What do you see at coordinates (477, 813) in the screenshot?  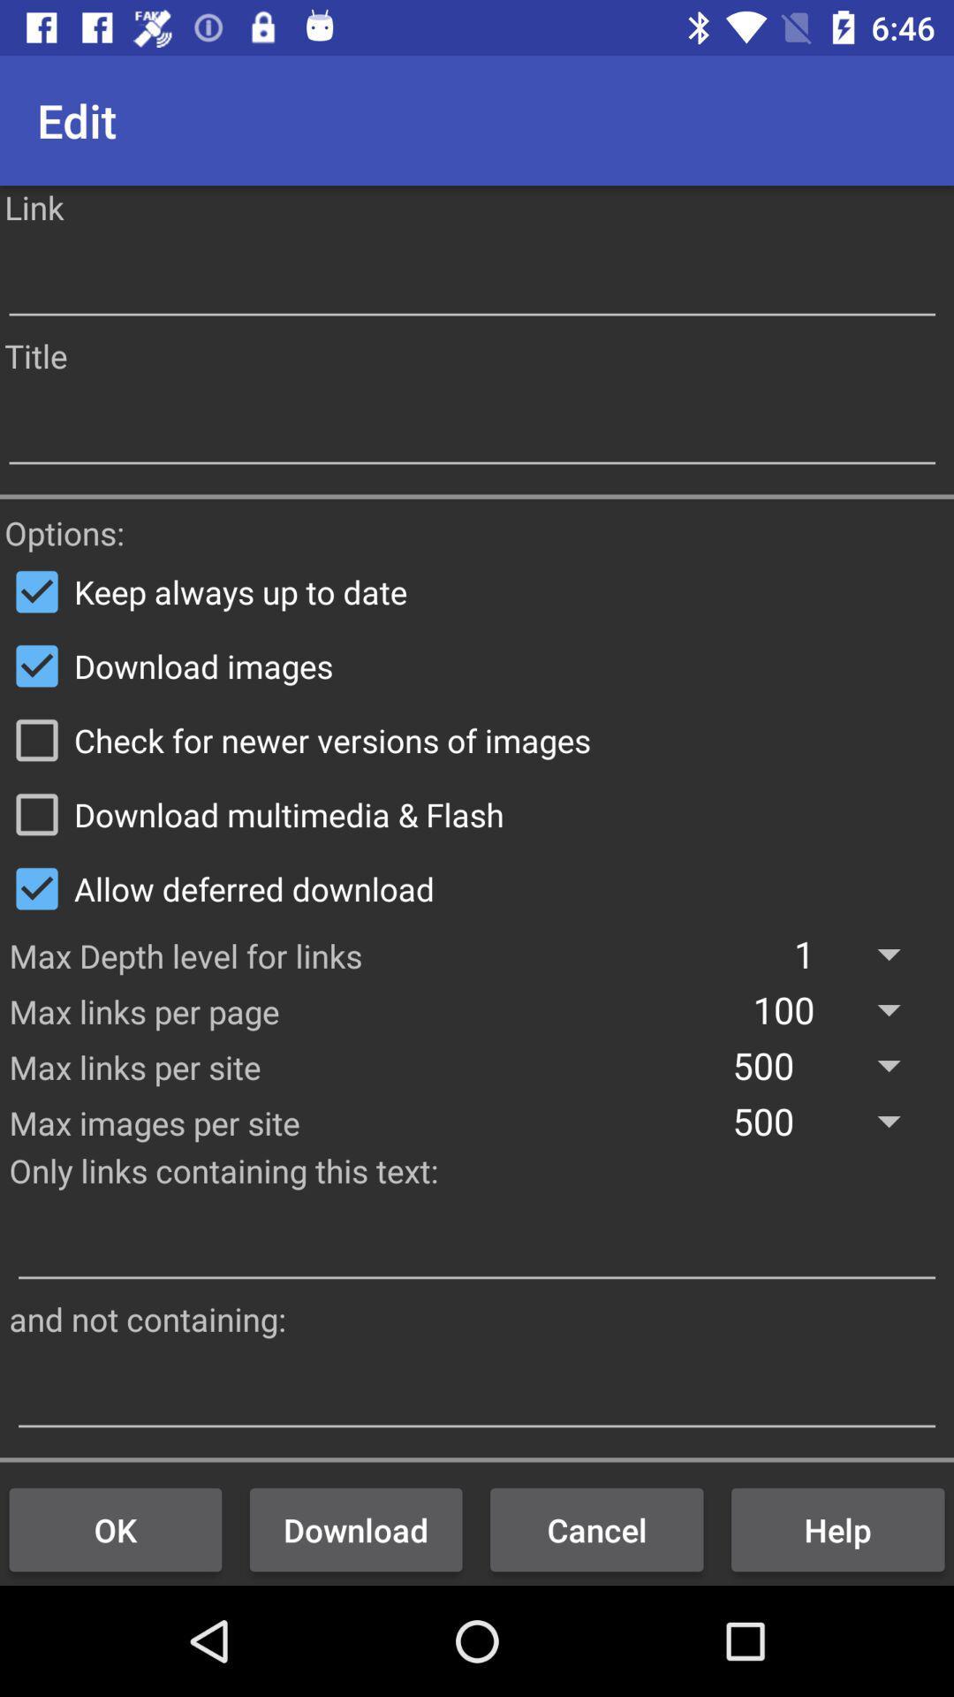 I see `download multimedia & flash item` at bounding box center [477, 813].